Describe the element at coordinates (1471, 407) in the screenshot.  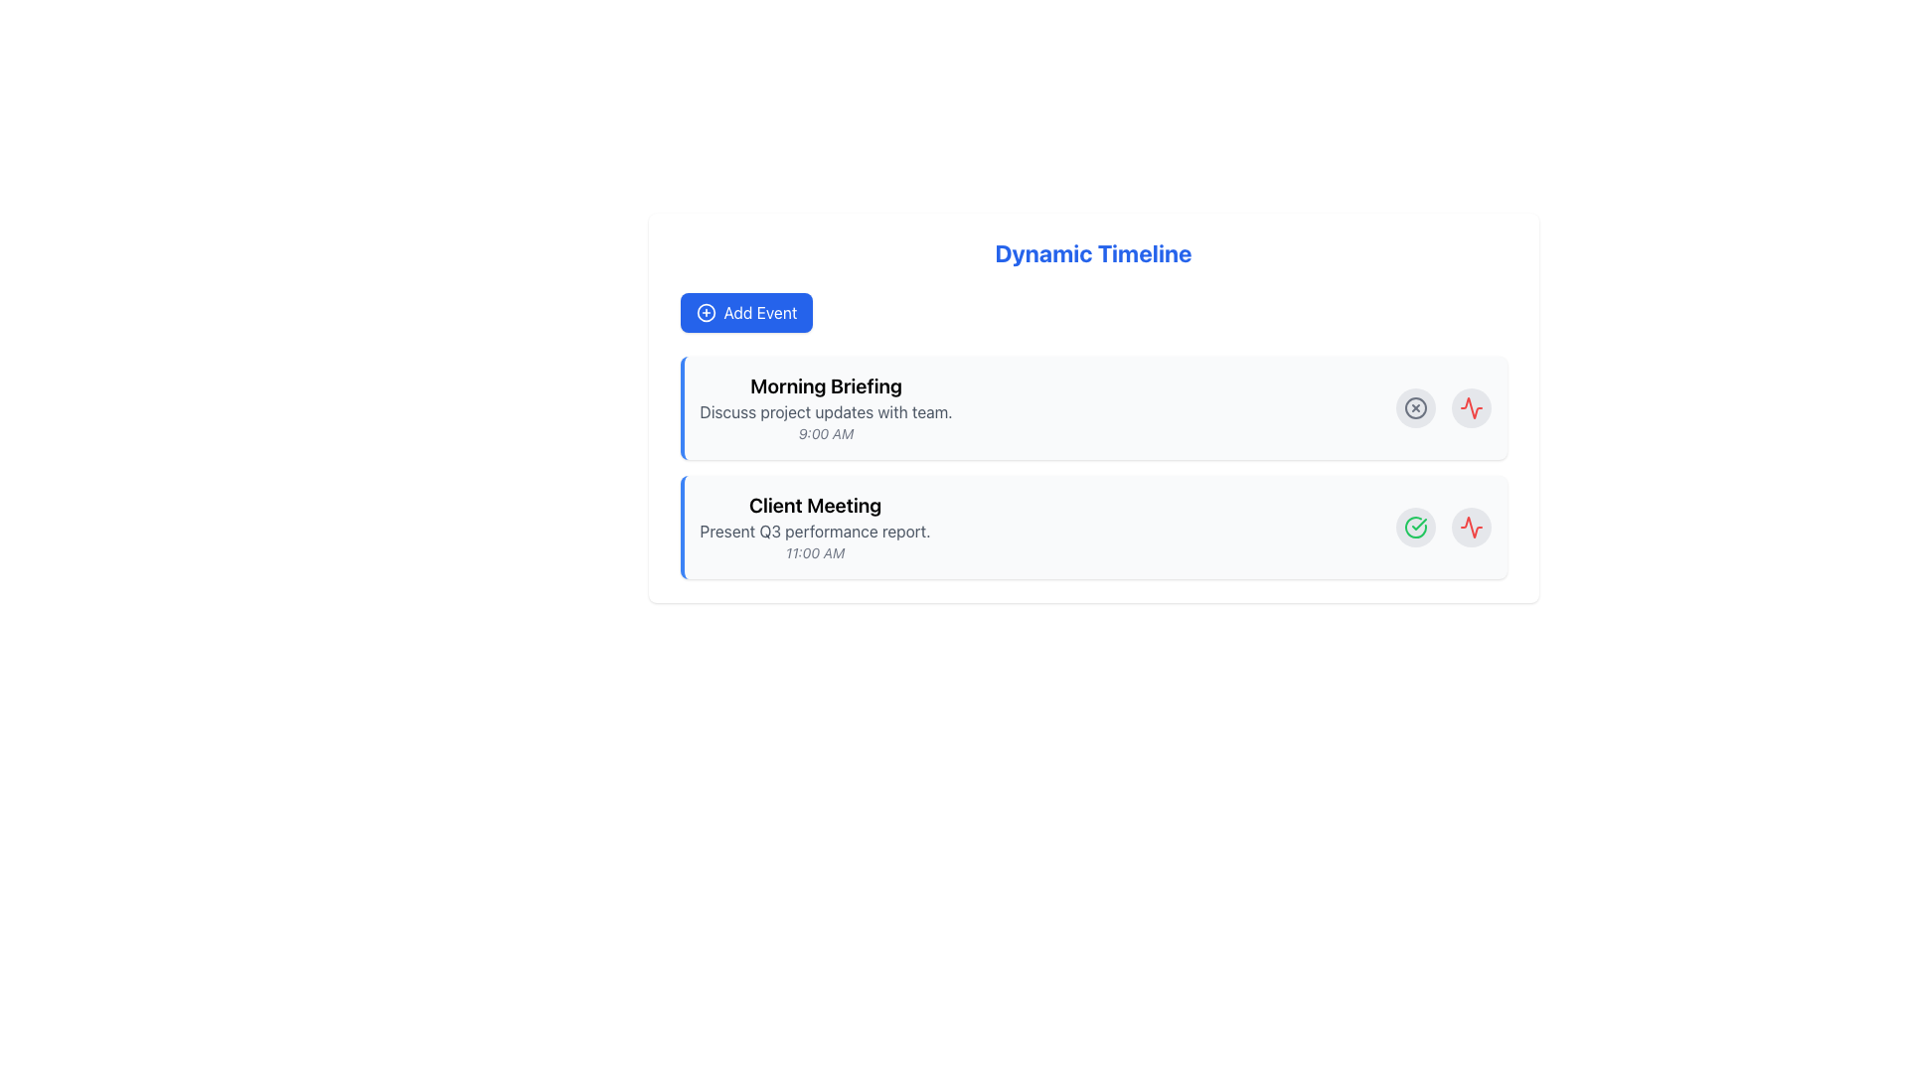
I see `the red waveform icon resembling an electrocardiogram located in the rightmost section of the second event entry in the timeline component for additional information` at that location.